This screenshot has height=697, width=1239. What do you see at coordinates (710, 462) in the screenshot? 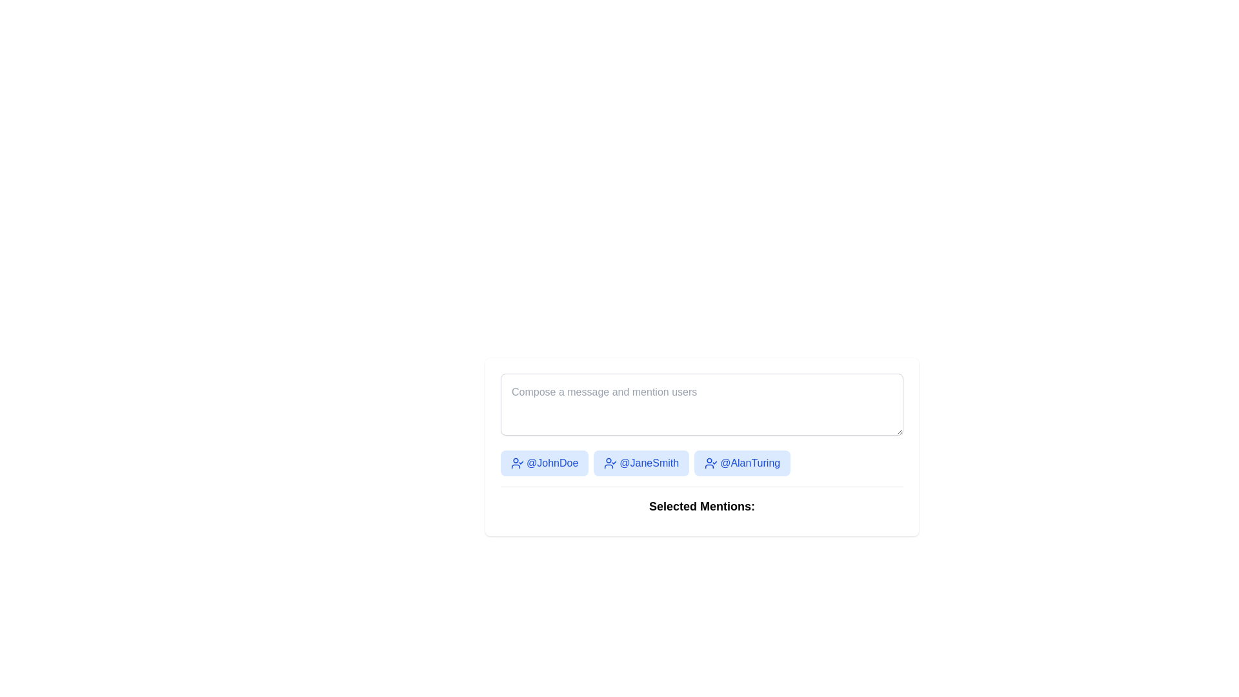
I see `the visual indicator icon for the selected user '@AlanTuring', located in the third rectangular button of the bottom row of selectable items` at bounding box center [710, 462].